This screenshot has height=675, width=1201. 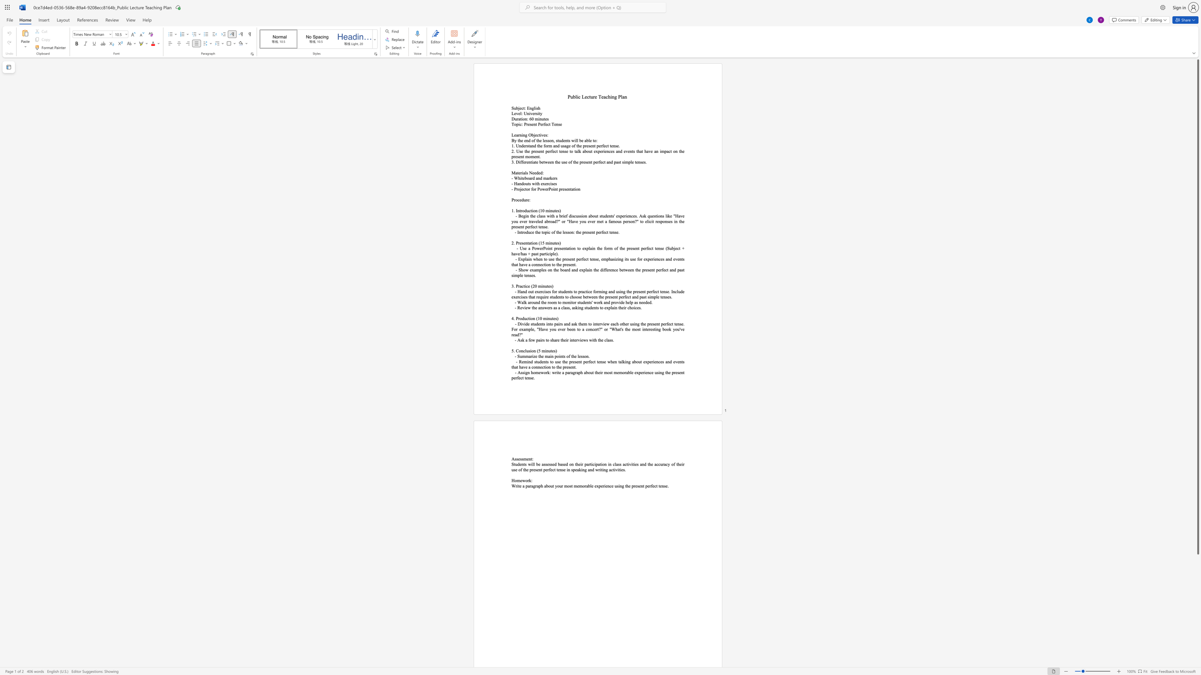 I want to click on the space between the continuous character "e" and "s" in the text, so click(x=555, y=318).